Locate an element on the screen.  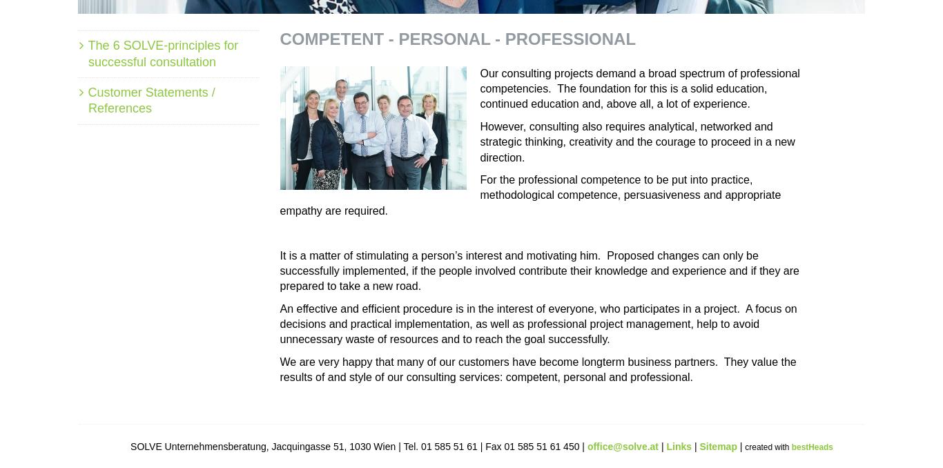
'Our consulting projects demand a broad spectrum of professional competencies.  The foundation for this is a solid education, continued education and, above all, a lot of experience.' is located at coordinates (639, 88).